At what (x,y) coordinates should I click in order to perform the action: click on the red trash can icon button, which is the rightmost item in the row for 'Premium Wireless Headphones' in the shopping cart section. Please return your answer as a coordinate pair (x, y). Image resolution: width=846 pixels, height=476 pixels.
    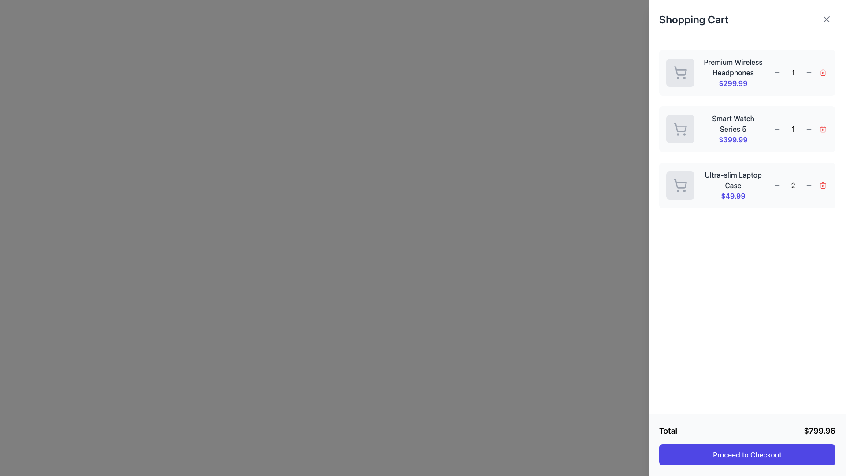
    Looking at the image, I should click on (822, 72).